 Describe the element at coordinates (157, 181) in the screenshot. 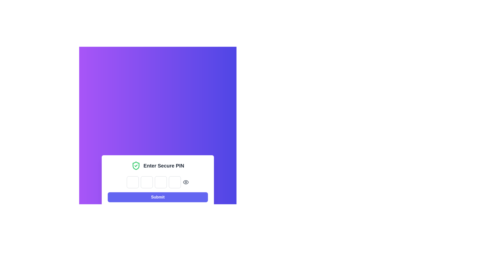

I see `the third PIN code entry box, which is a square input field with rounded corners` at that location.